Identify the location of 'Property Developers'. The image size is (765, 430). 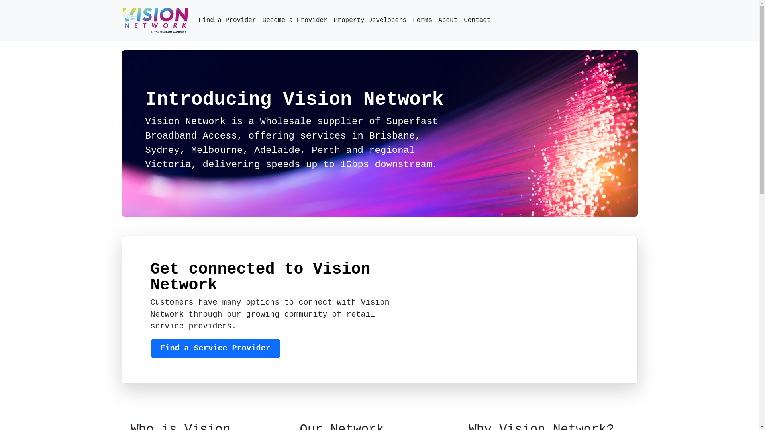
(370, 20).